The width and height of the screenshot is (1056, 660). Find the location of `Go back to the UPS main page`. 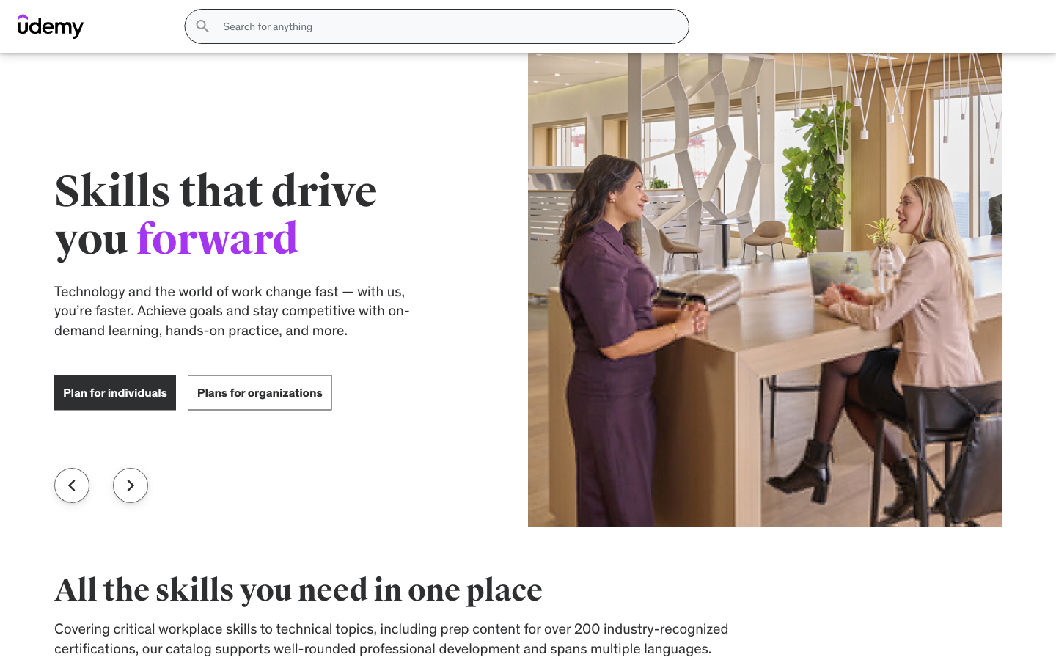

Go back to the UPS main page is located at coordinates (63, 43).